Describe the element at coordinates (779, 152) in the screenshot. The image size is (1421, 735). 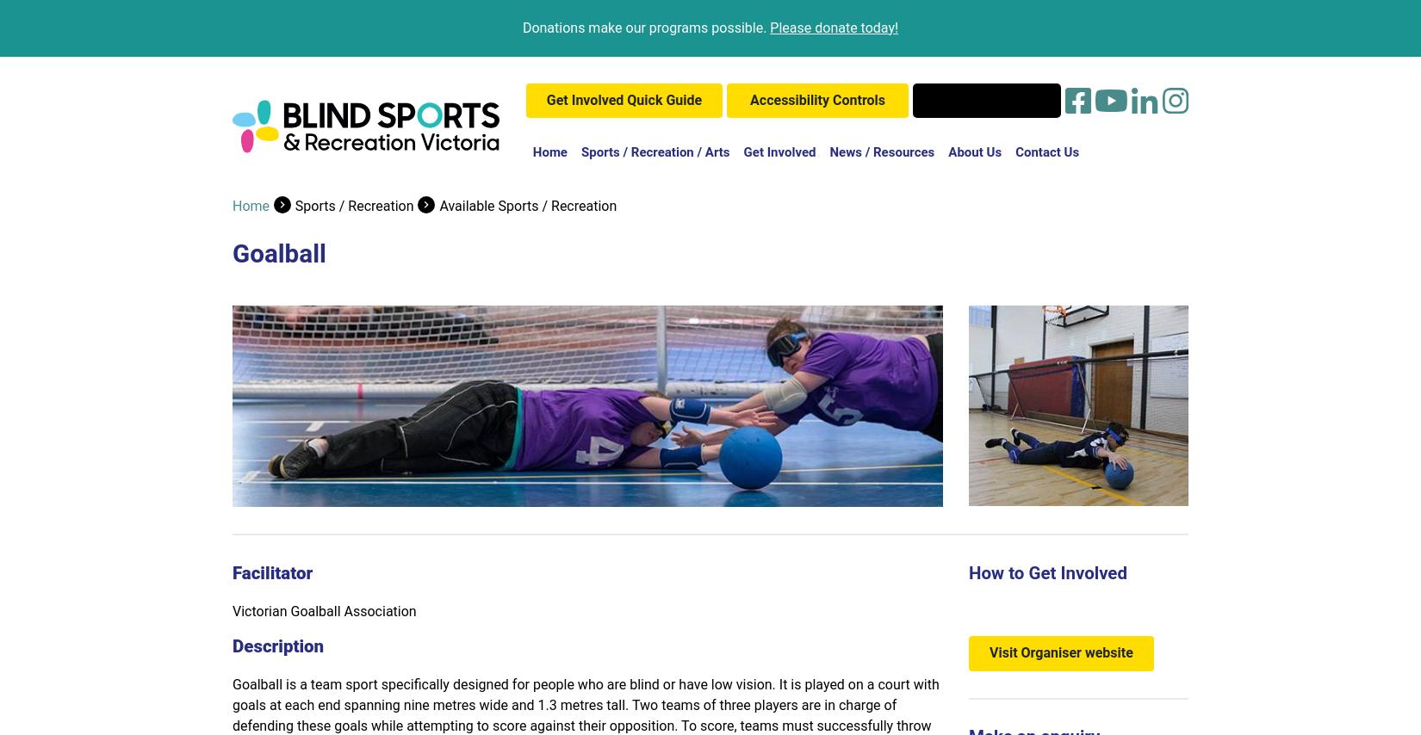
I see `'Get Involved'` at that location.